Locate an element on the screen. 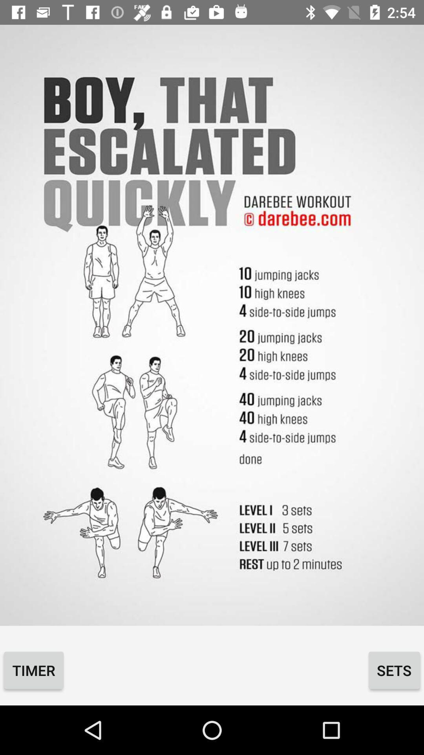  the sets at the bottom right corner is located at coordinates (394, 670).